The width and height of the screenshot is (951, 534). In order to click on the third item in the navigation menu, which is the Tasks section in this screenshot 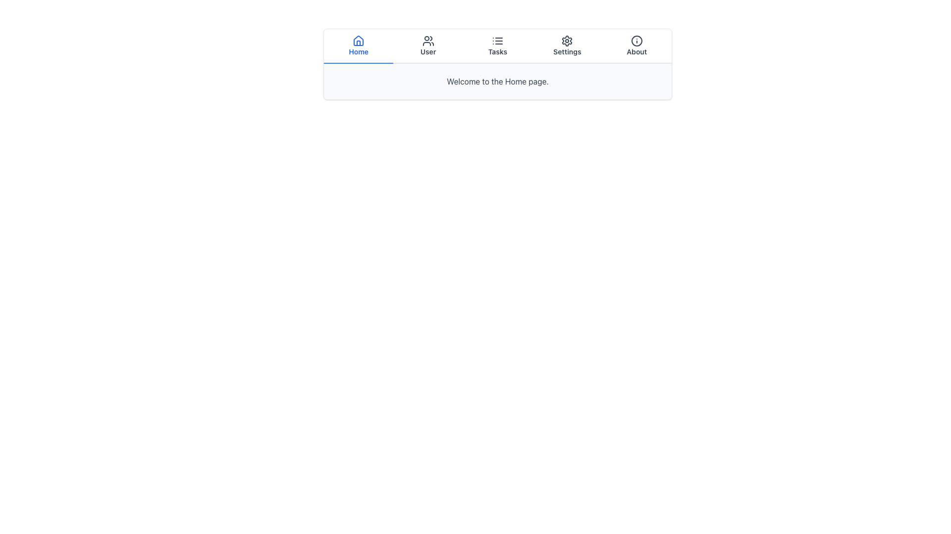, I will do `click(497, 46)`.